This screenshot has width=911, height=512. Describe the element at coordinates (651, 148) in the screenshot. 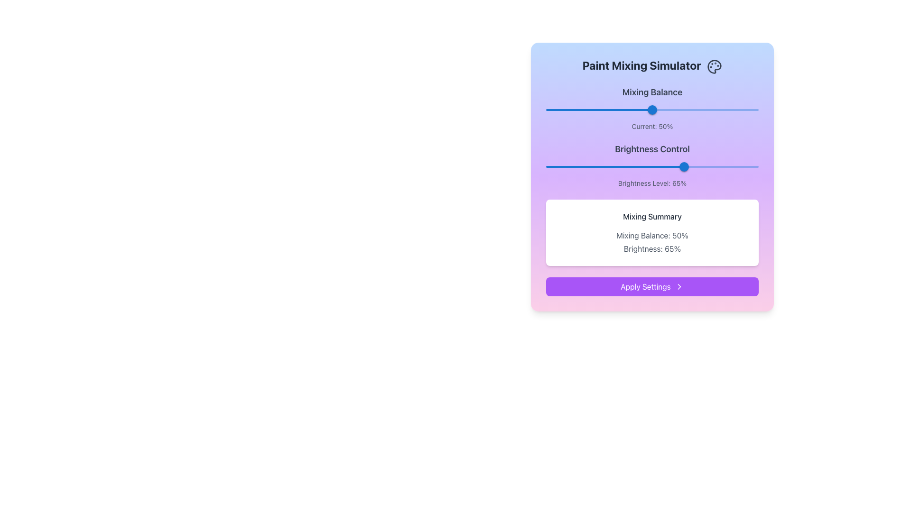

I see `the 'Brightness Control' label, which is prominently displayed in dark gray text on a light gradient background, centrally aligned in the settings panel` at that location.